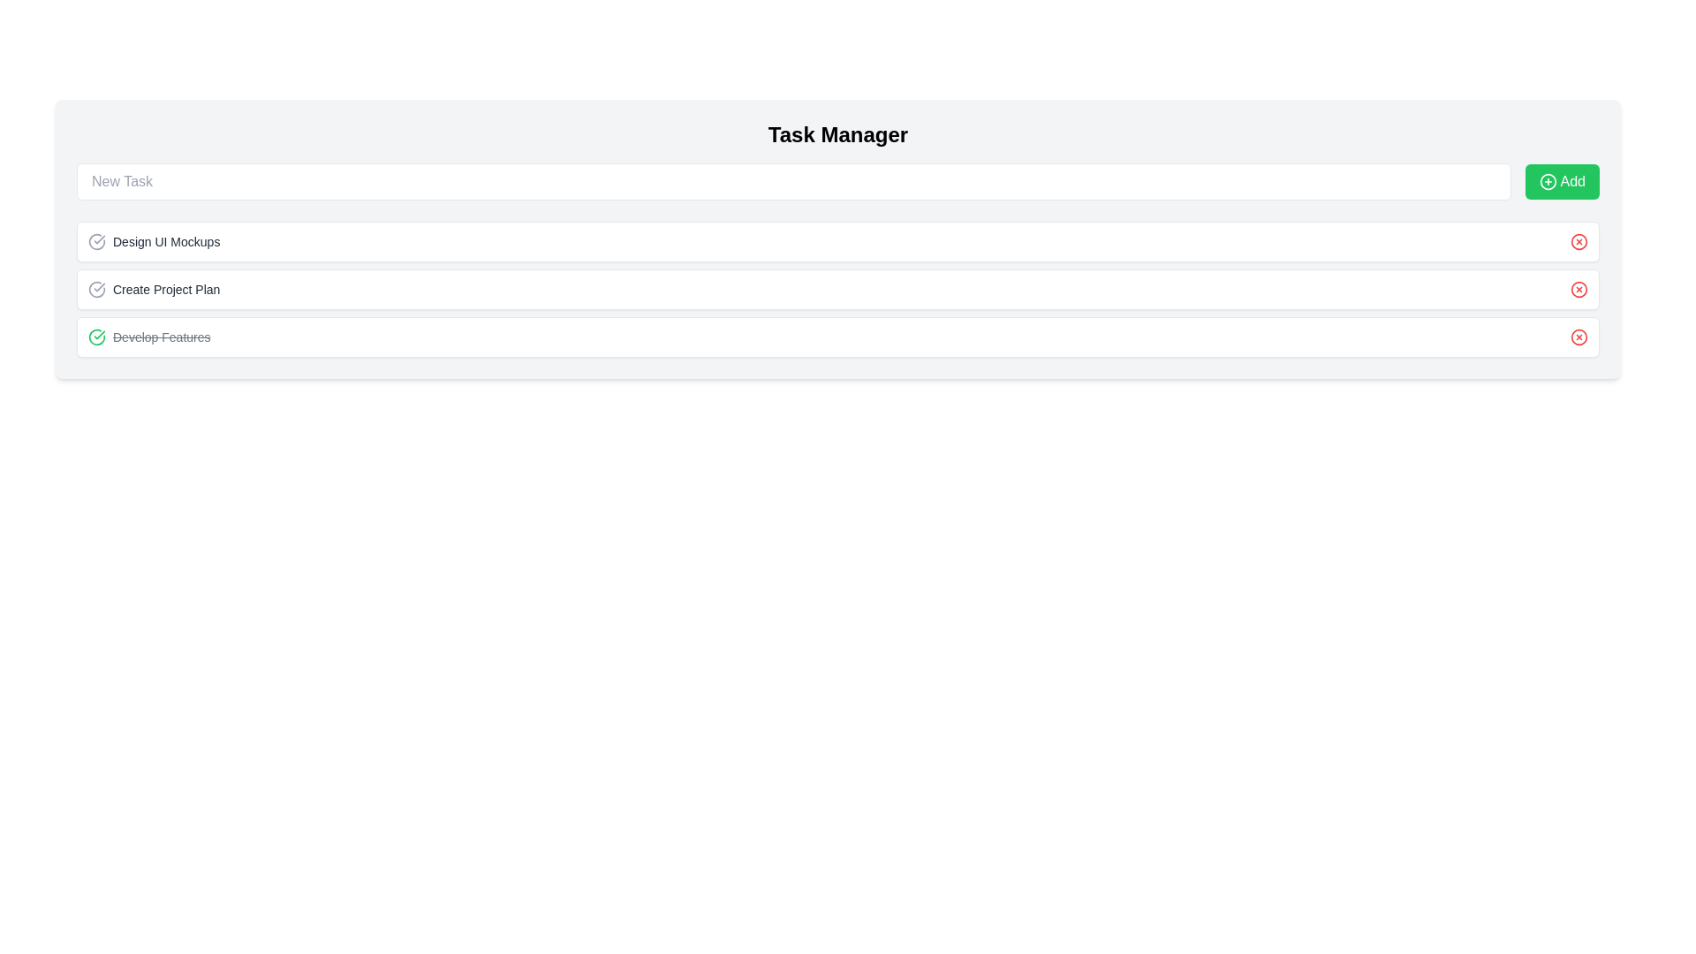 This screenshot has height=954, width=1696. What do you see at coordinates (1547, 181) in the screenshot?
I see `the circular graphic element of the 'Add' button located in the top-right corner of the interface` at bounding box center [1547, 181].